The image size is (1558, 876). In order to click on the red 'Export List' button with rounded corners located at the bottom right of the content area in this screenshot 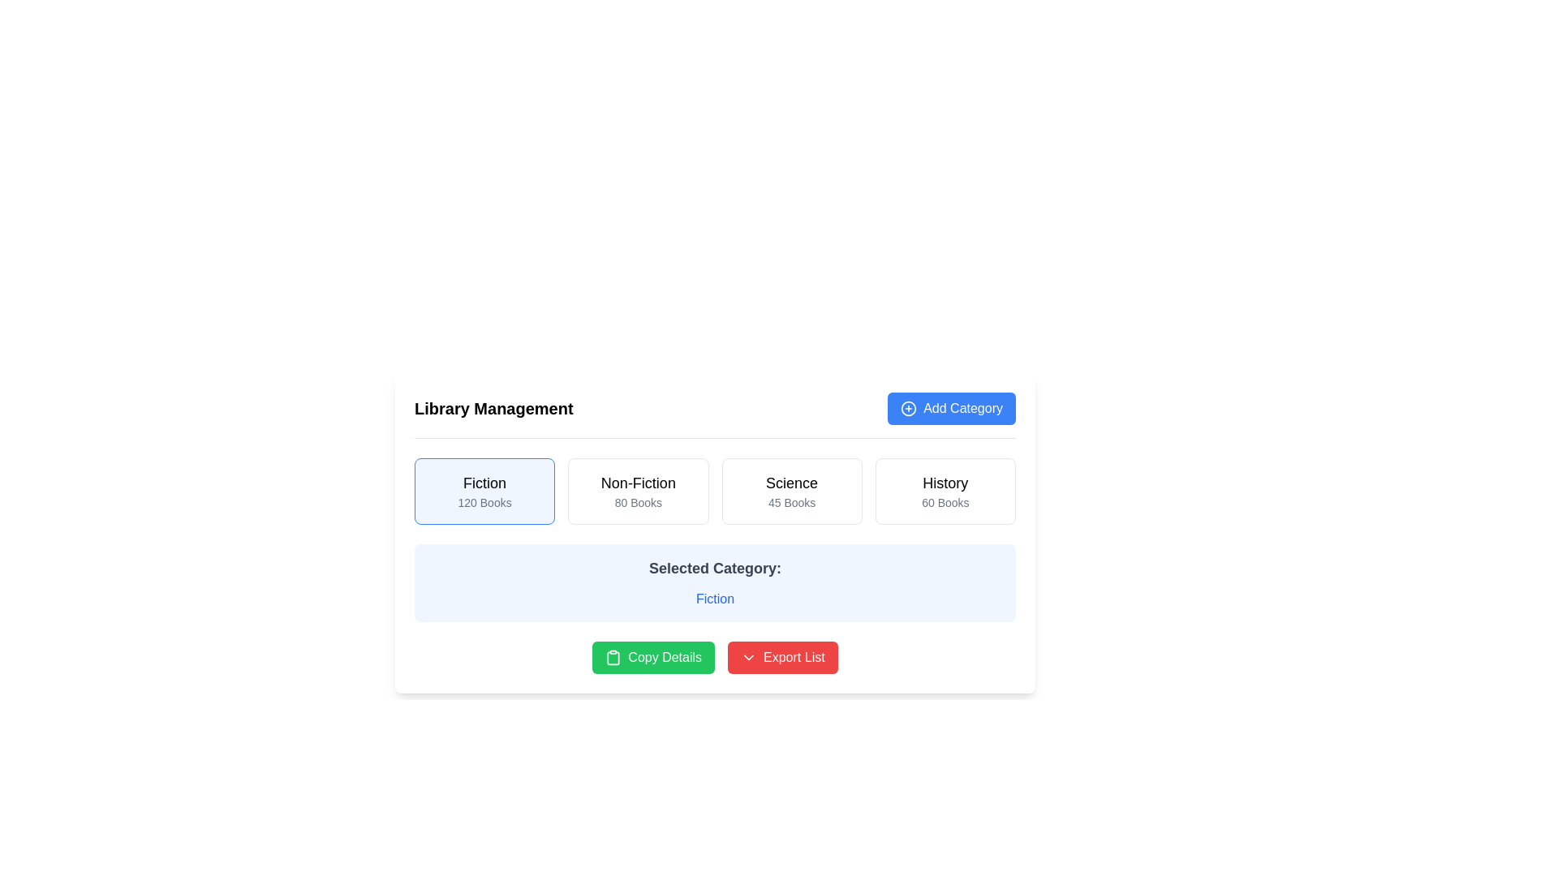, I will do `click(782, 657)`.